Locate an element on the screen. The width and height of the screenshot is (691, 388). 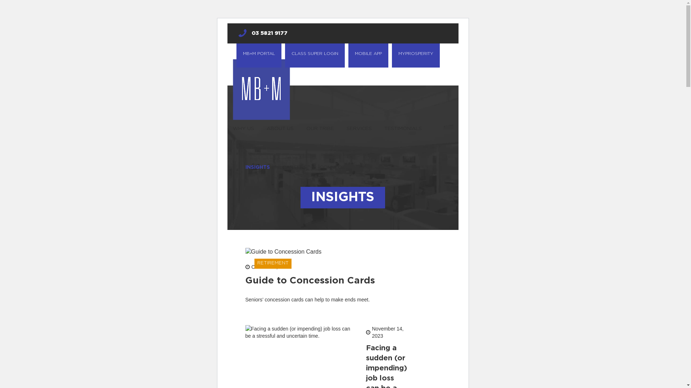
'TESTIMONIALS' is located at coordinates (402, 128).